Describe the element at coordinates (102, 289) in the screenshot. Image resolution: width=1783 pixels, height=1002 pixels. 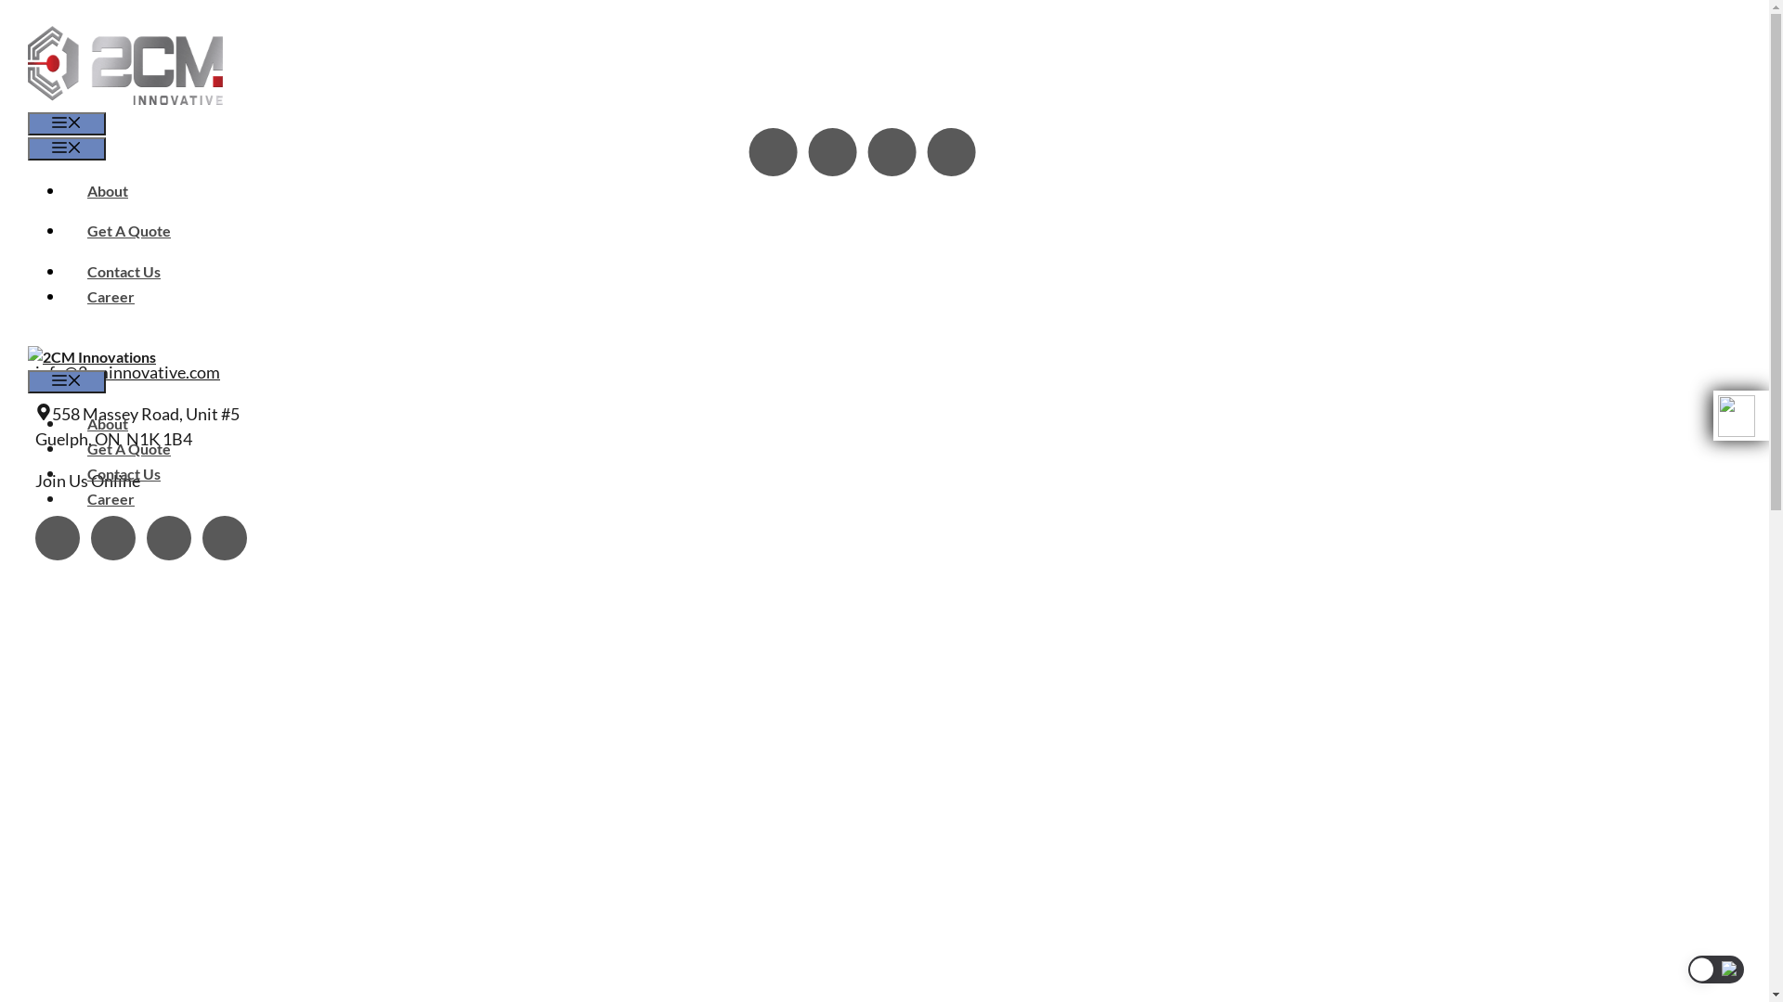
I see `'519-826-6133'` at that location.